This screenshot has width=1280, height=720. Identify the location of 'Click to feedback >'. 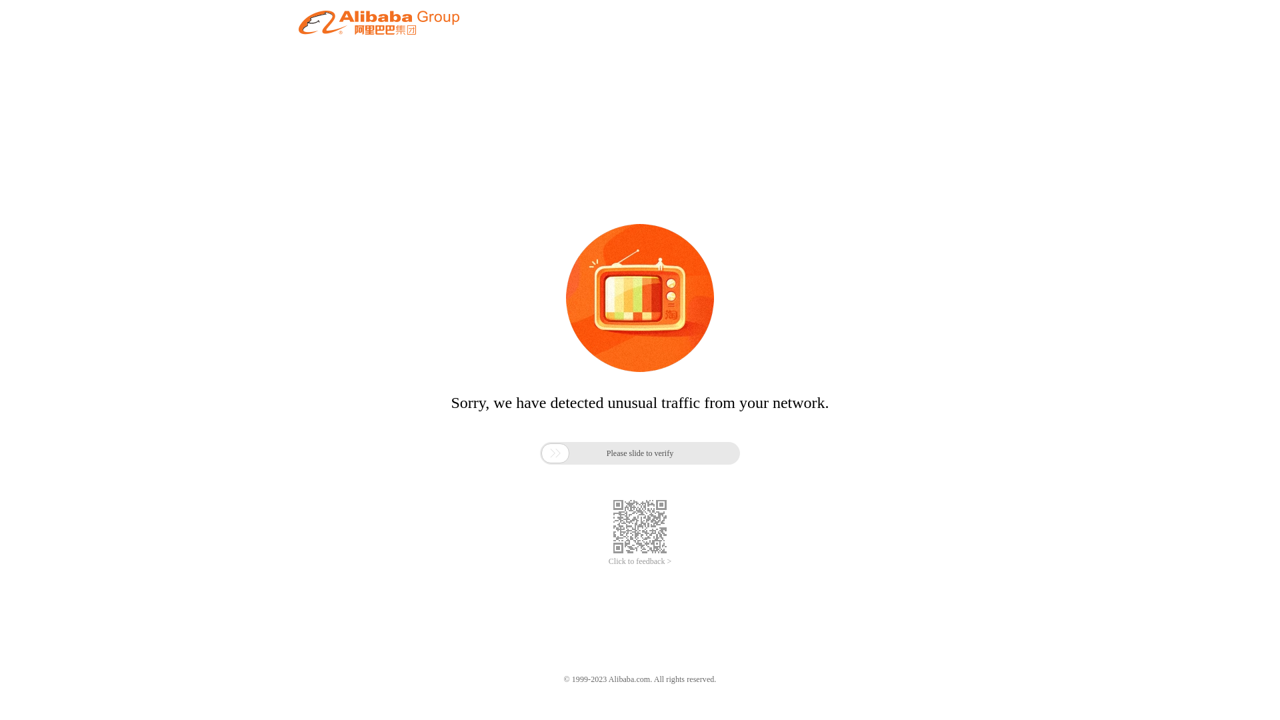
(607, 561).